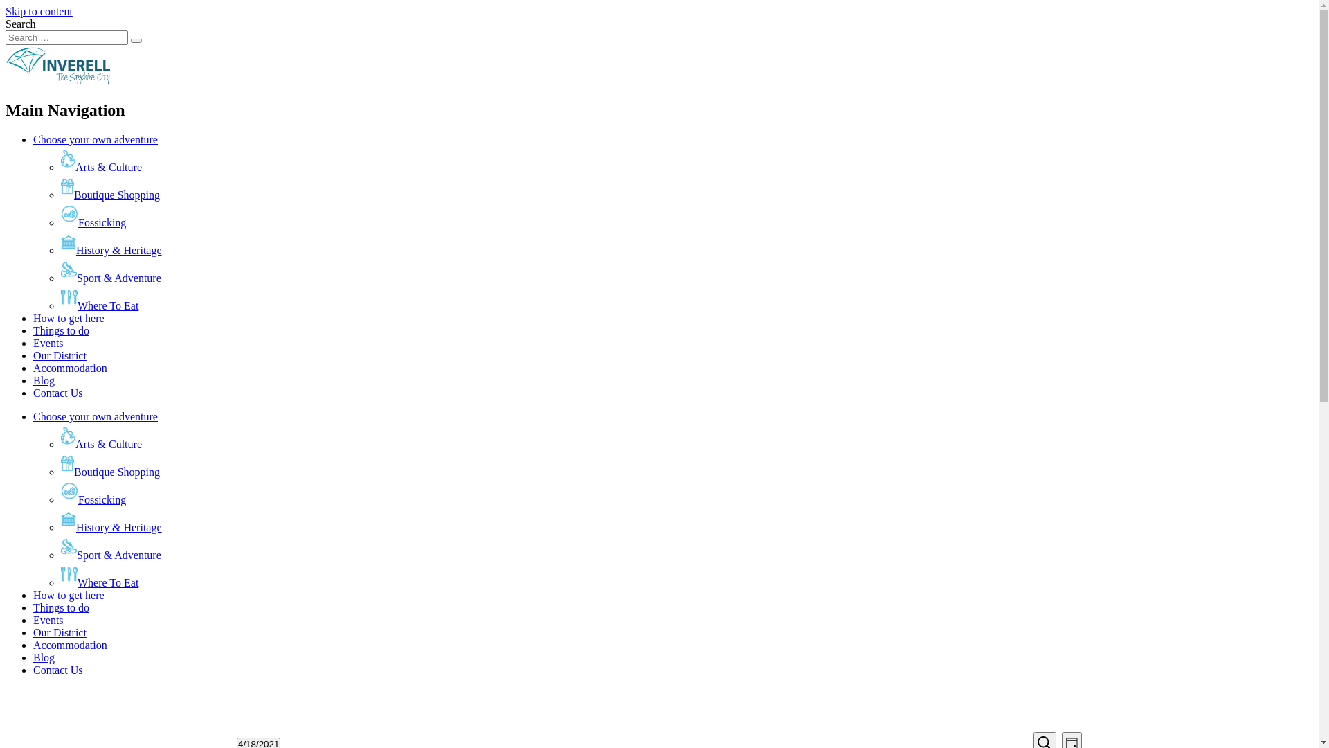 This screenshot has height=748, width=1329. Describe the element at coordinates (99, 582) in the screenshot. I see `'Where To Eat'` at that location.